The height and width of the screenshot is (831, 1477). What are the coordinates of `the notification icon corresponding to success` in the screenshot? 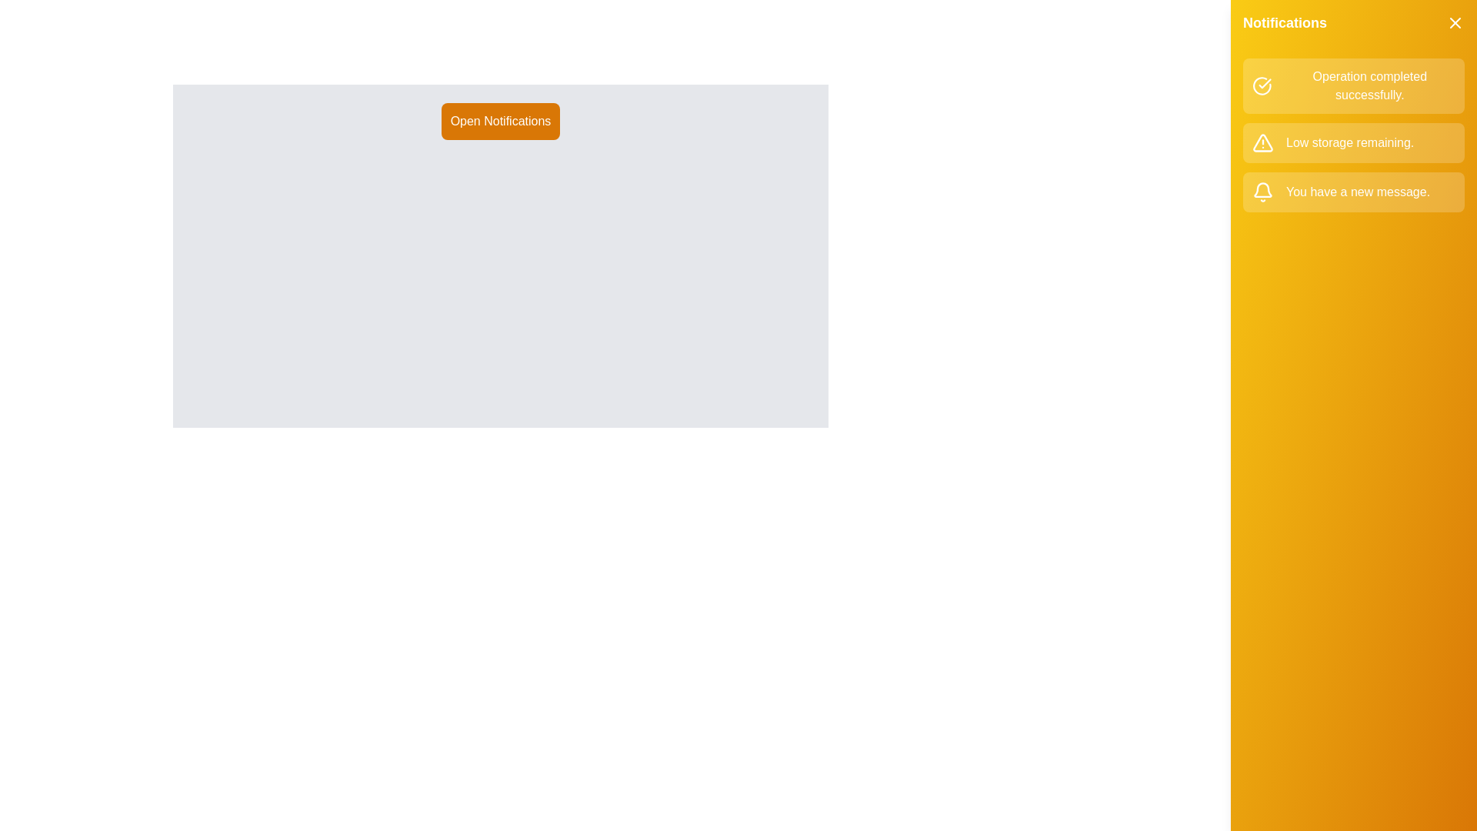 It's located at (1262, 85).